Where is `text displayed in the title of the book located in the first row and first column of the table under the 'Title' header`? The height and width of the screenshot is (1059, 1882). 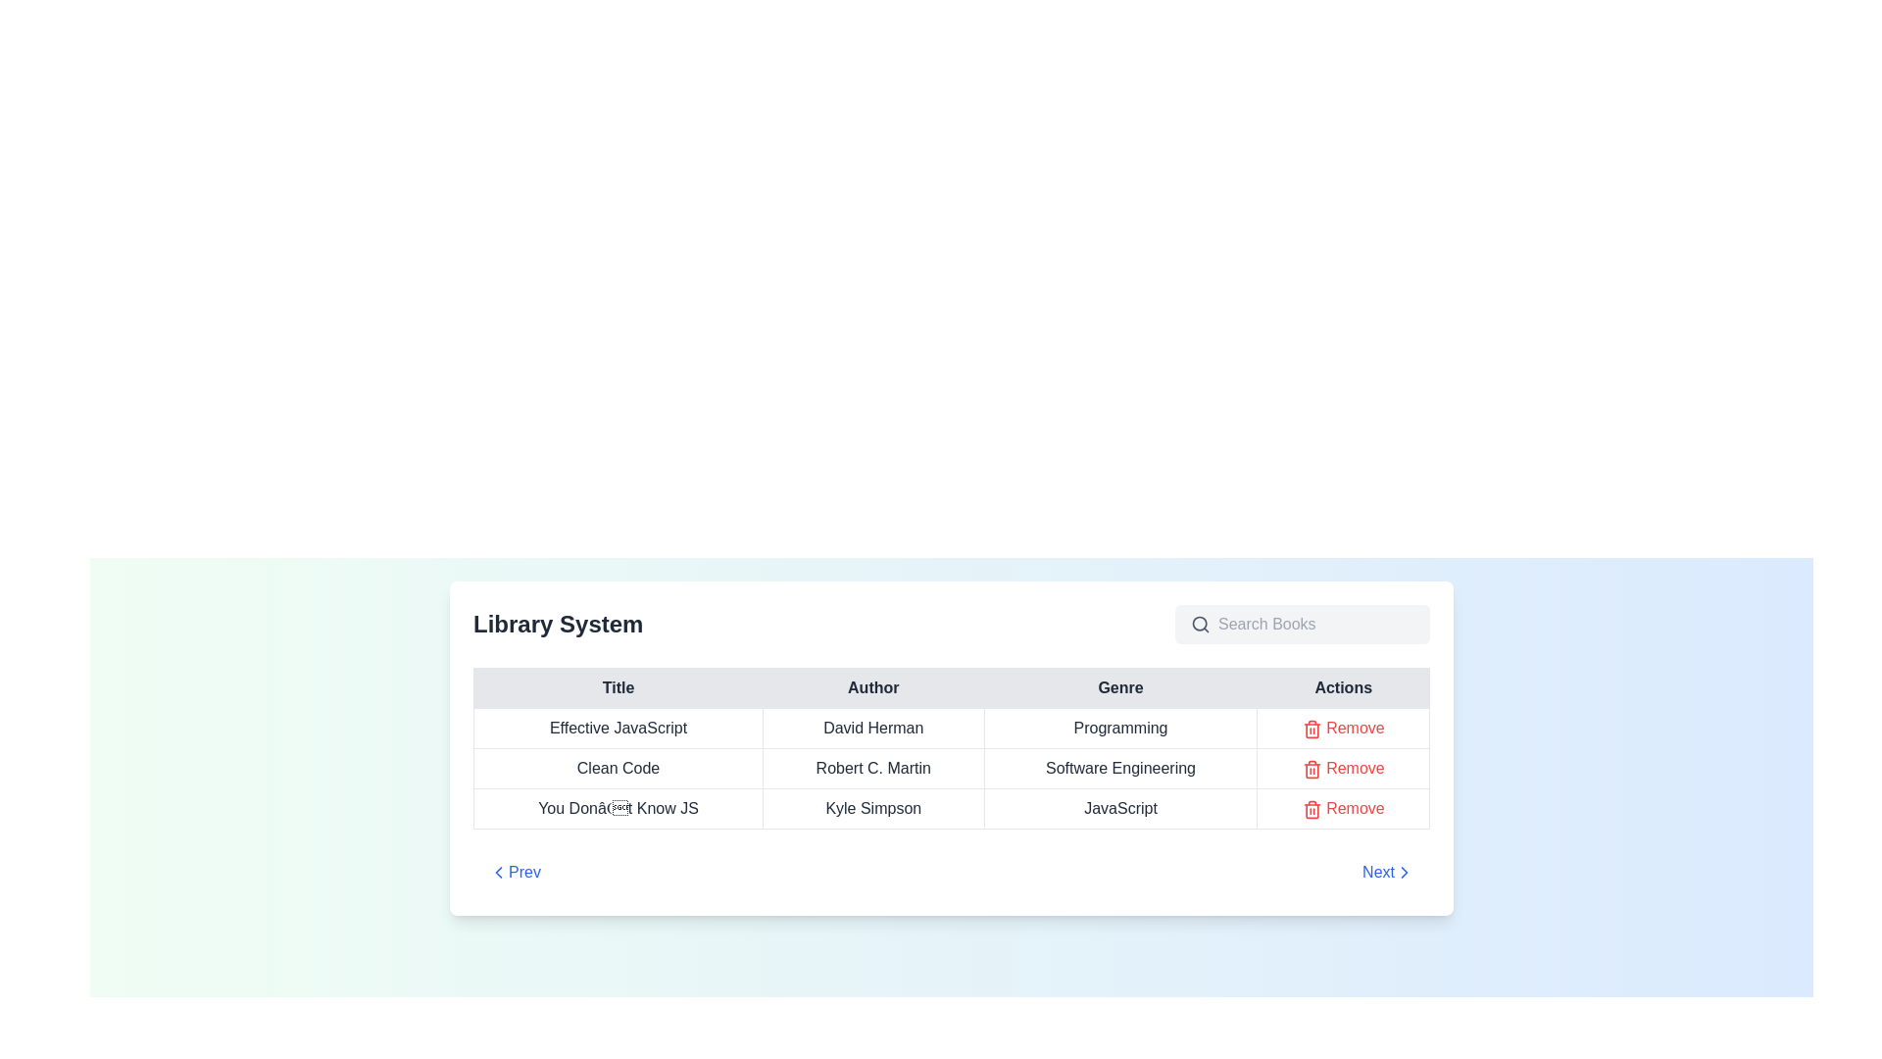 text displayed in the title of the book located in the first row and first column of the table under the 'Title' header is located at coordinates (618, 729).